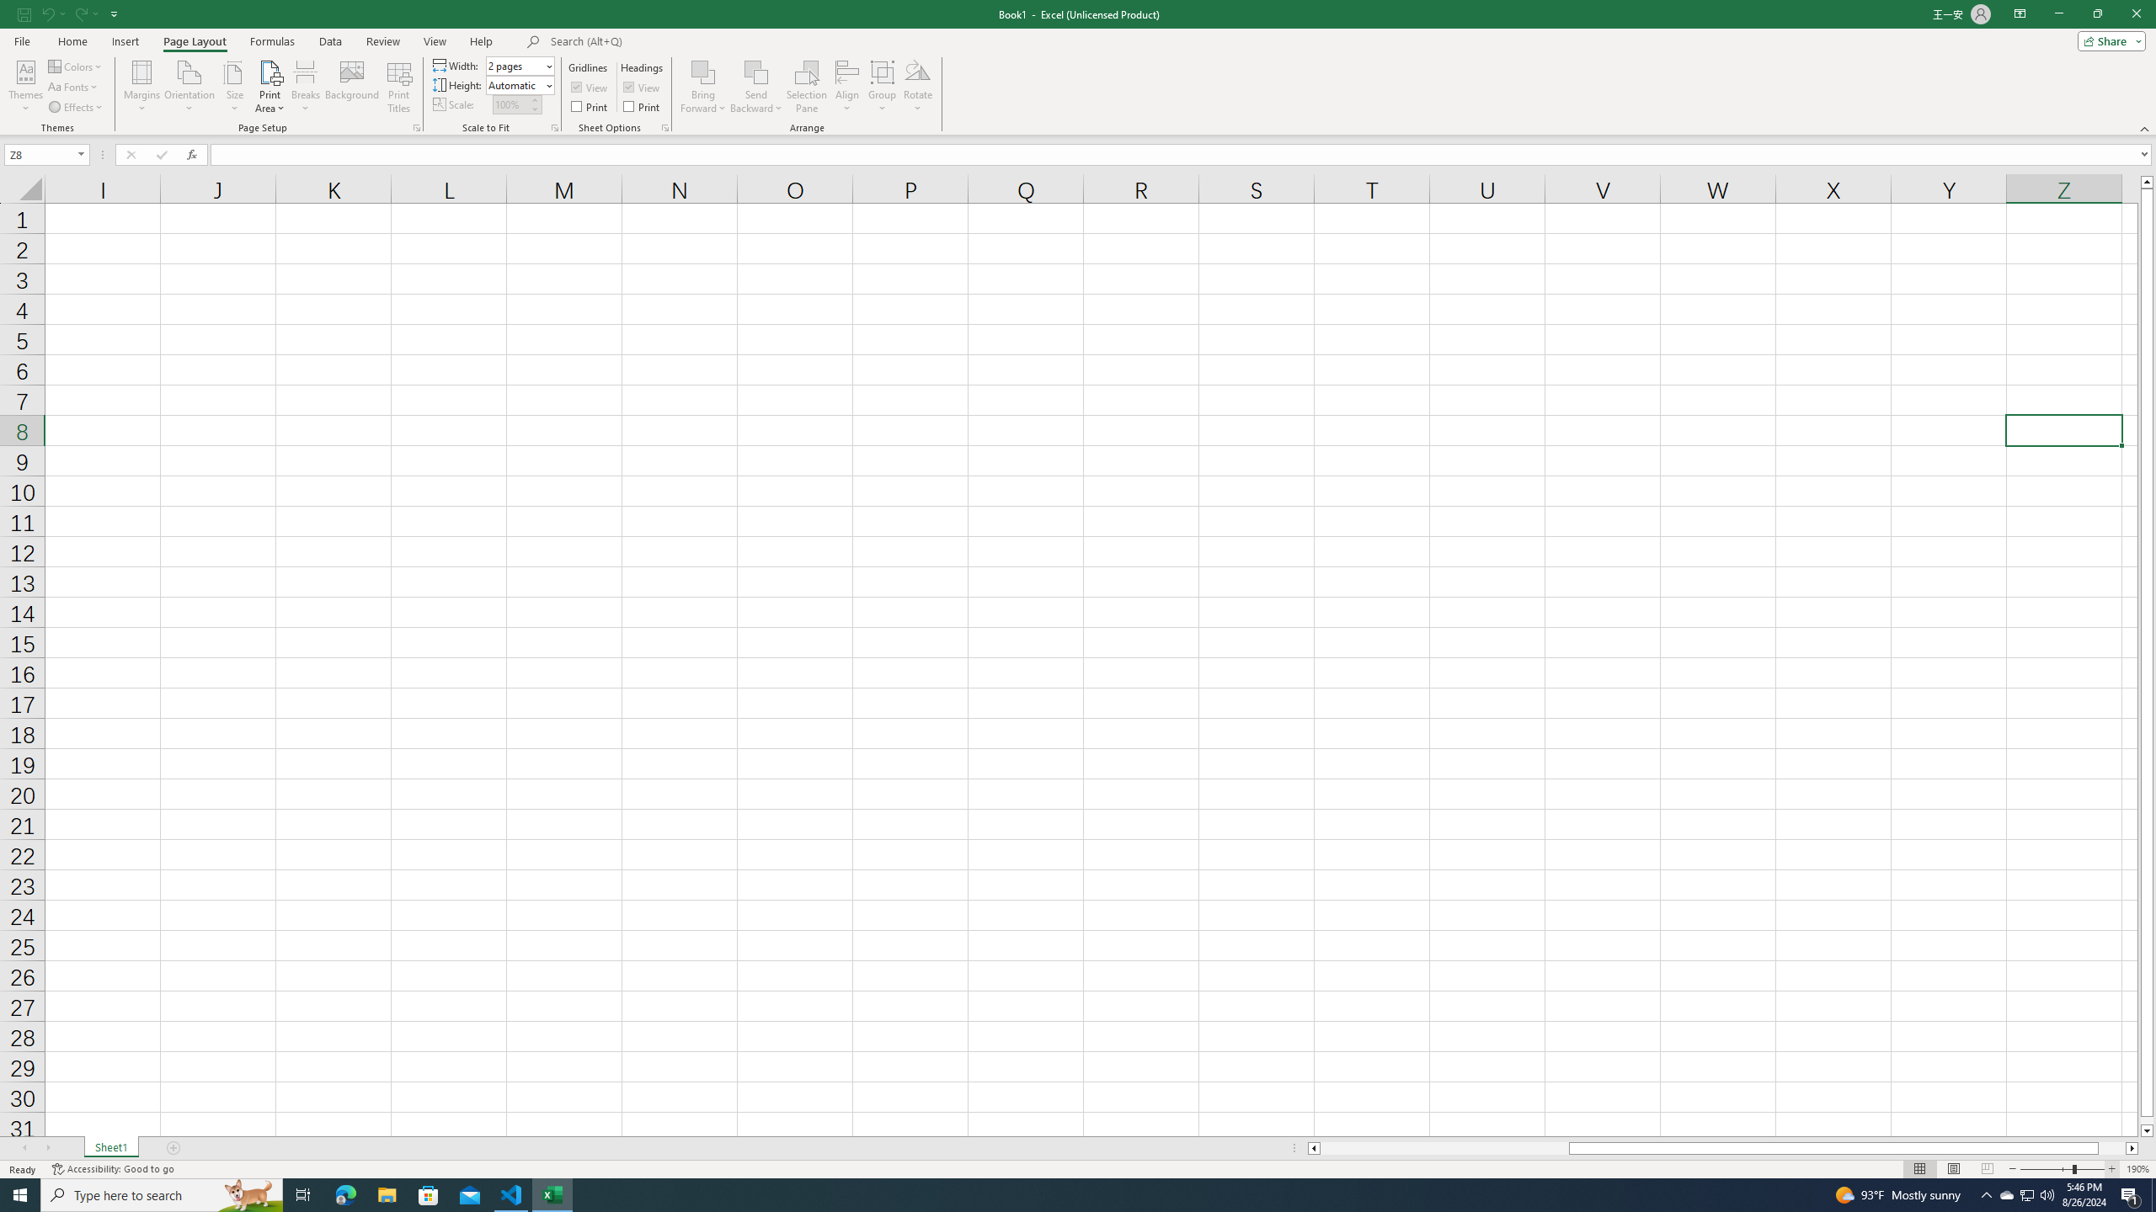  I want to click on 'Sheet Options', so click(664, 126).